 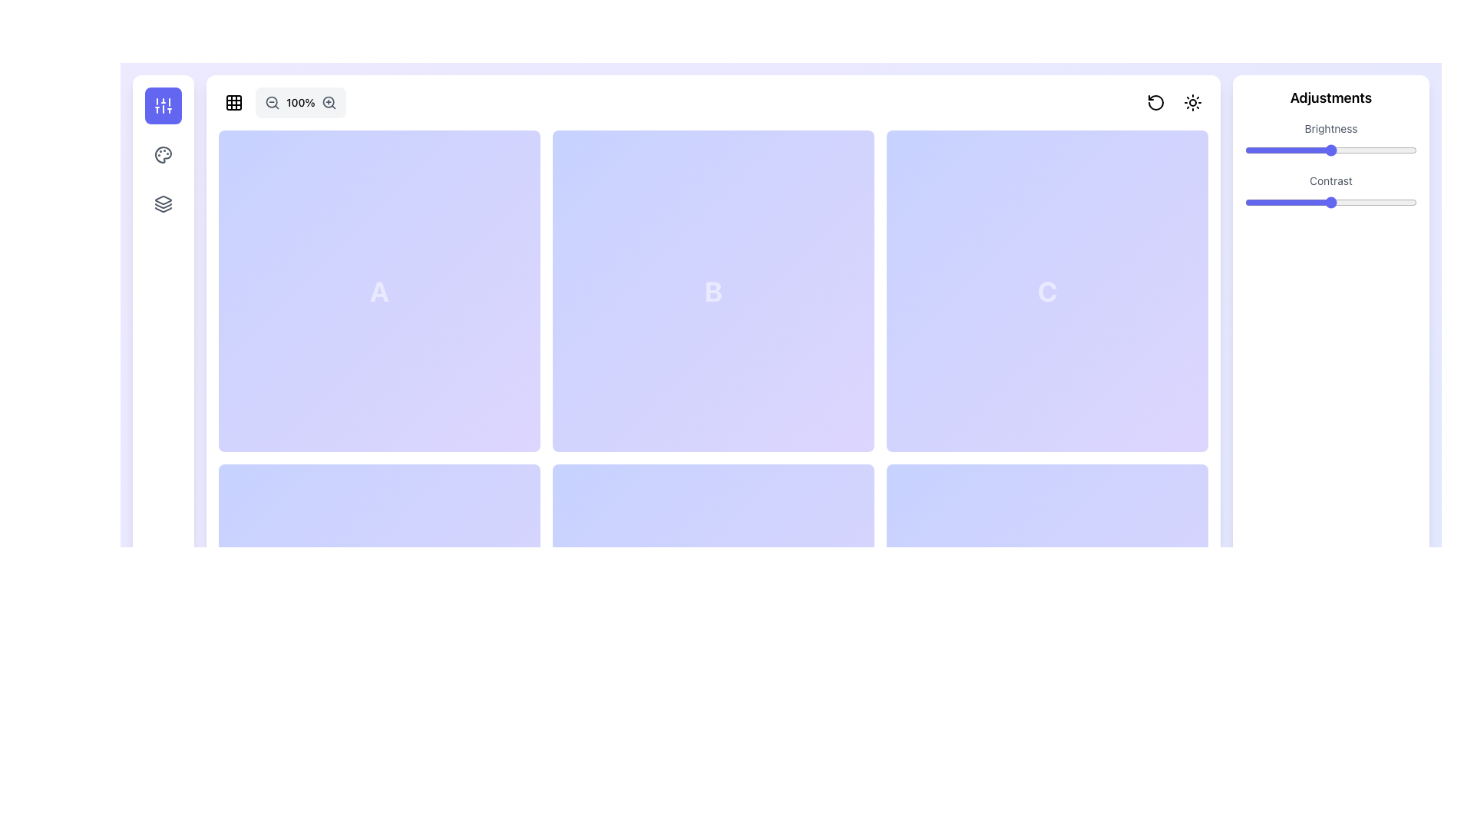 What do you see at coordinates (163, 437) in the screenshot?
I see `individual buttons within the vertical toolbar or navigation panel located at the leftmost side of the interface` at bounding box center [163, 437].